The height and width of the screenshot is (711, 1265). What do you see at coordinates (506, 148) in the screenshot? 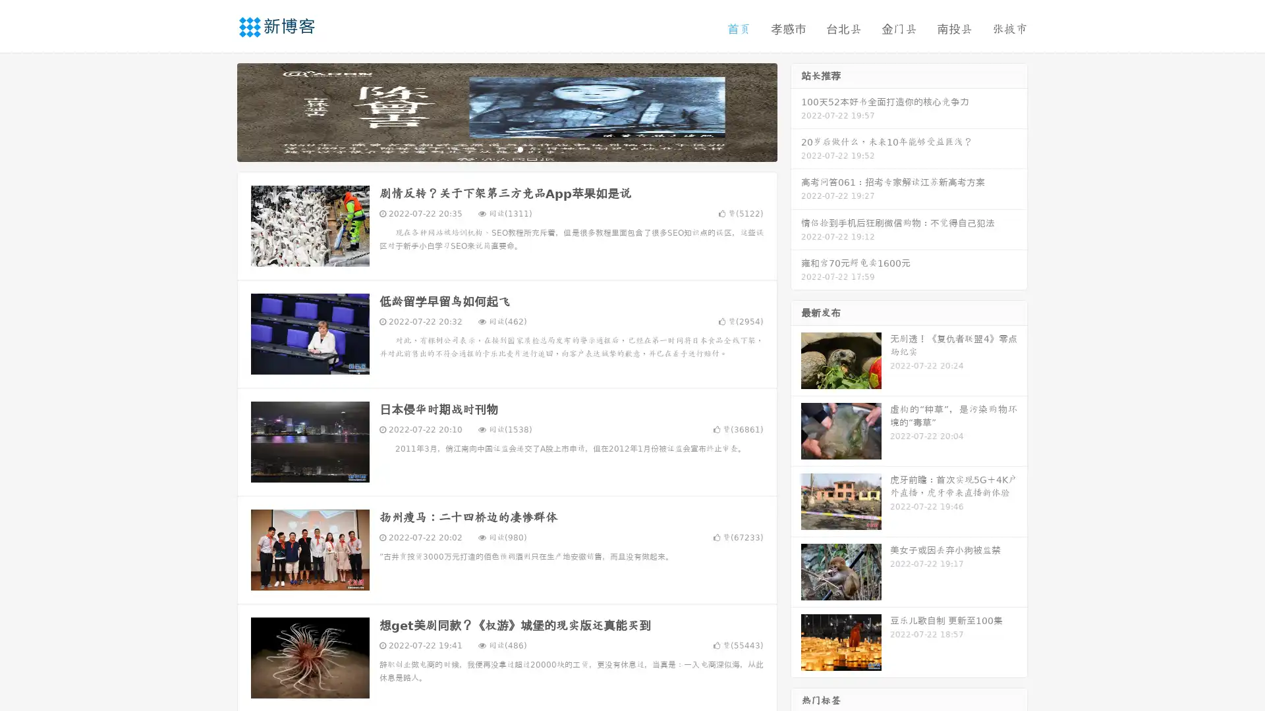
I see `Go to slide 2` at bounding box center [506, 148].